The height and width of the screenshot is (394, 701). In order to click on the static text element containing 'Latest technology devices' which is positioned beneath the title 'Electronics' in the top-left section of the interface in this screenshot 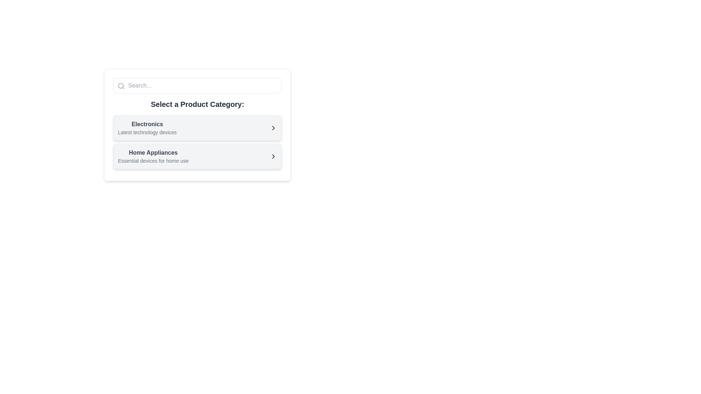, I will do `click(147, 132)`.